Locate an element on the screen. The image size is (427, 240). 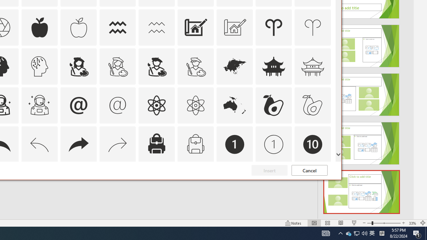
'AutomationID: Icons_Badge1_M' is located at coordinates (274, 144).